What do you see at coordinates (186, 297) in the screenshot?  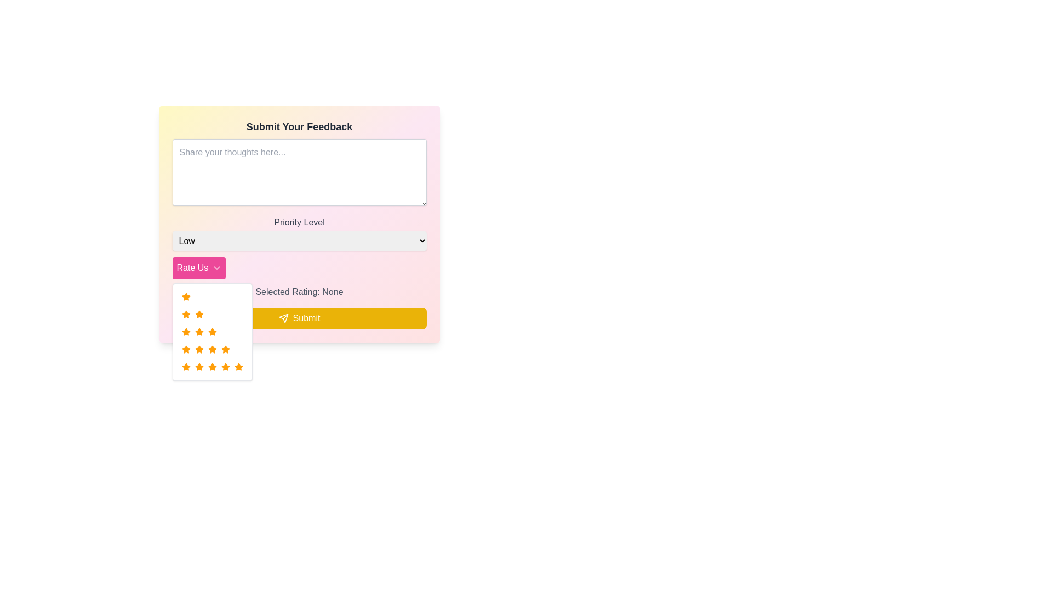 I see `the Rating star icon` at bounding box center [186, 297].